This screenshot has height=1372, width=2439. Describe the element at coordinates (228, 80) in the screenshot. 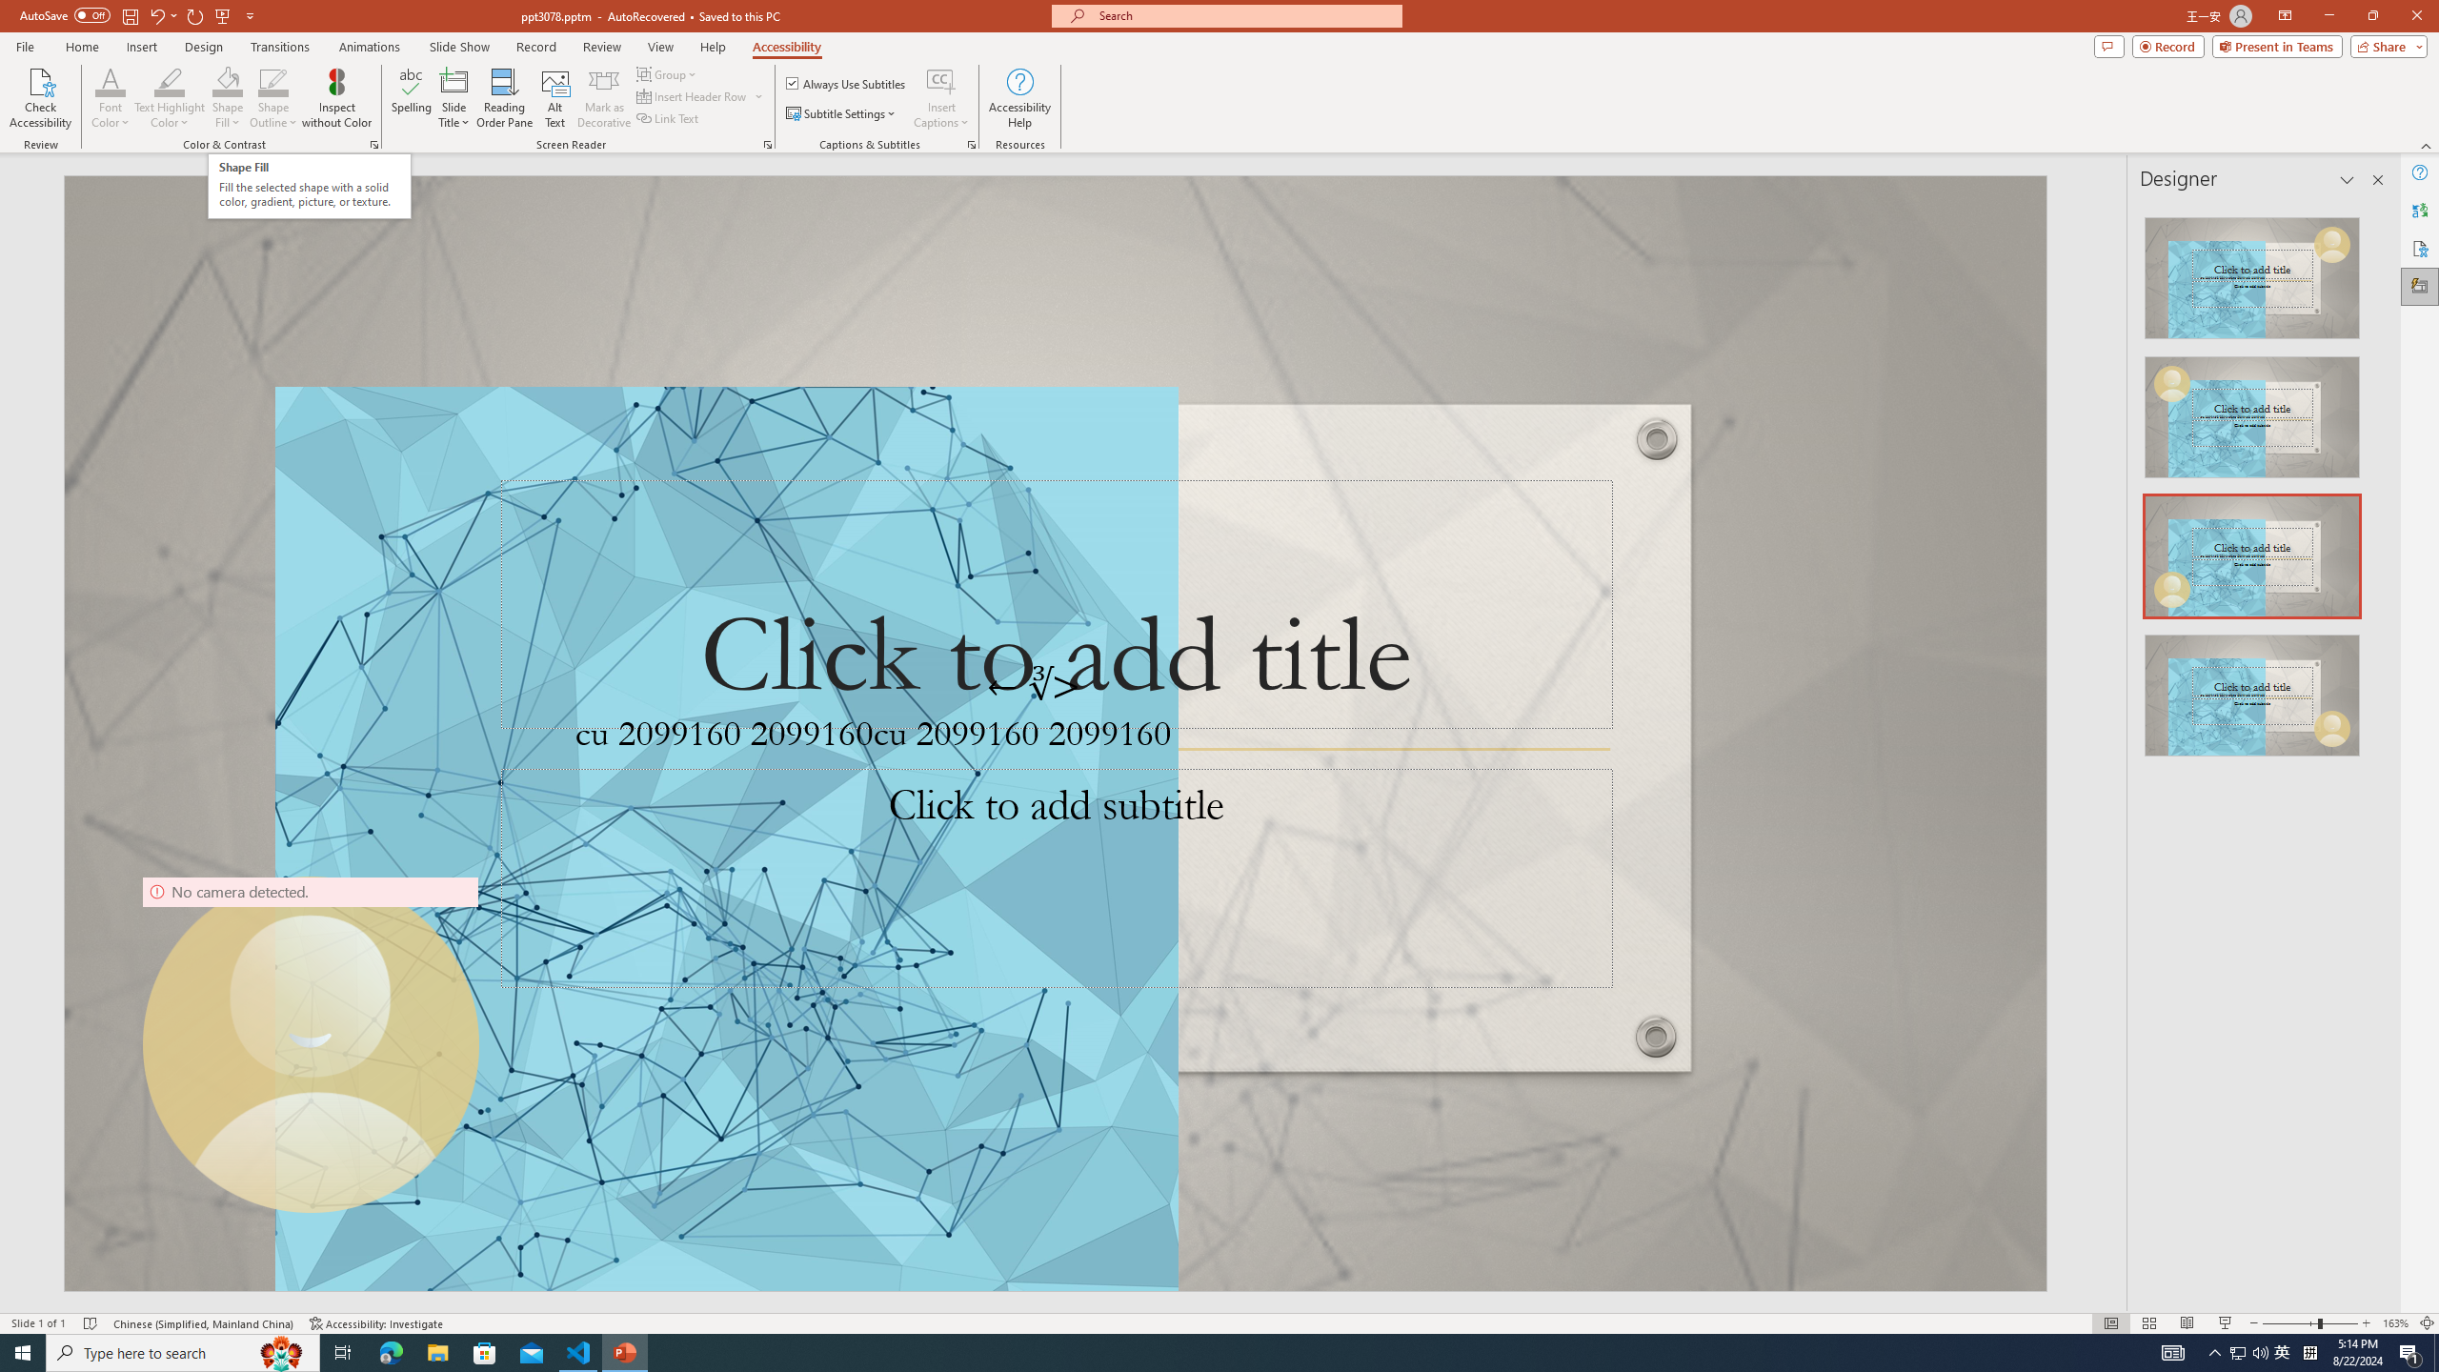

I see `'Shape Fill'` at that location.